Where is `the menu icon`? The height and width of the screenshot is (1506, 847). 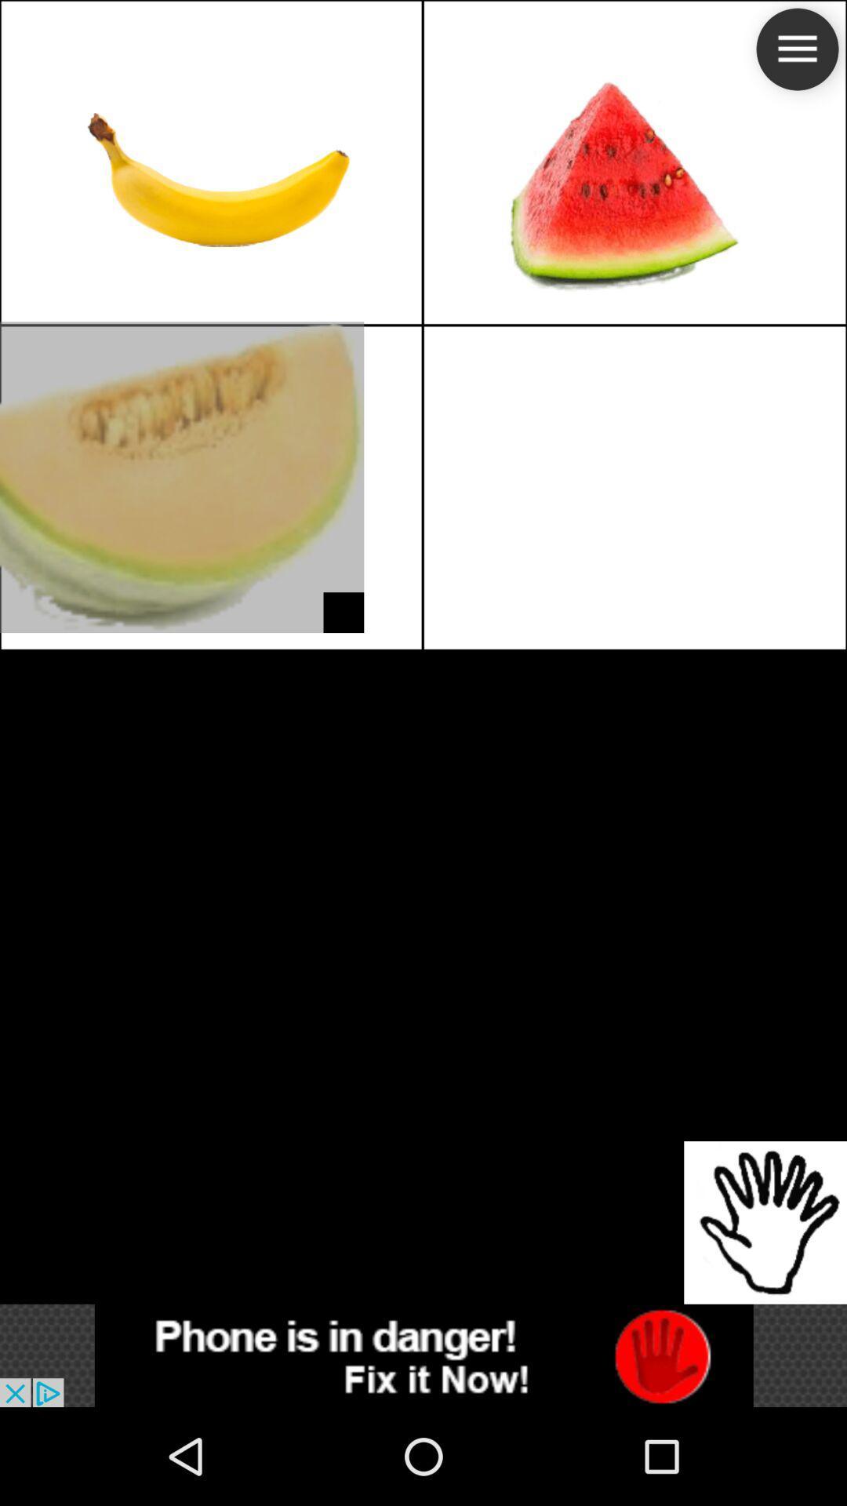
the menu icon is located at coordinates (798, 49).